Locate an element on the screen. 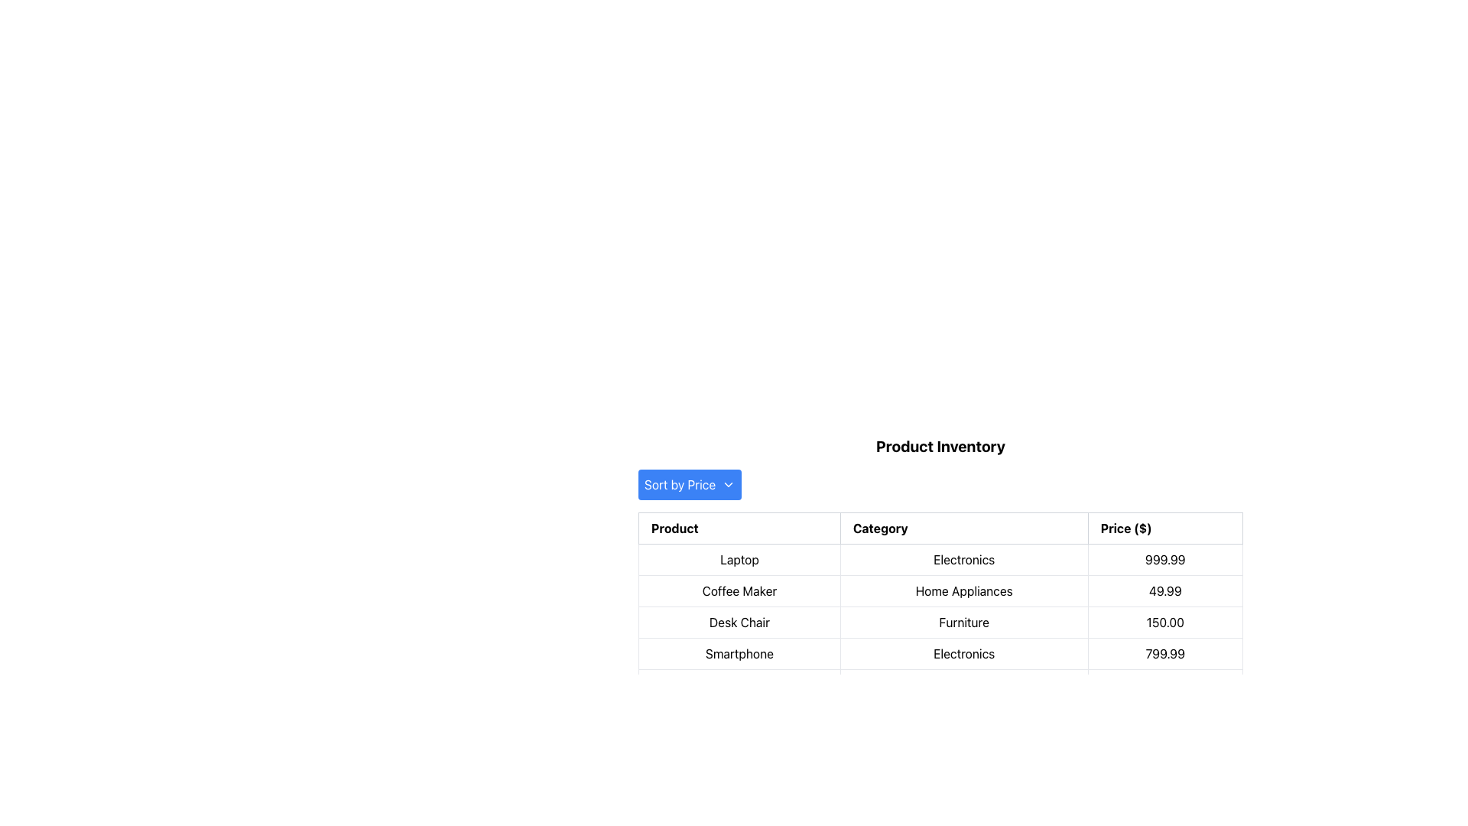  text from the product name label located in the first data row of the inventory table under the 'Product' column is located at coordinates (739, 560).